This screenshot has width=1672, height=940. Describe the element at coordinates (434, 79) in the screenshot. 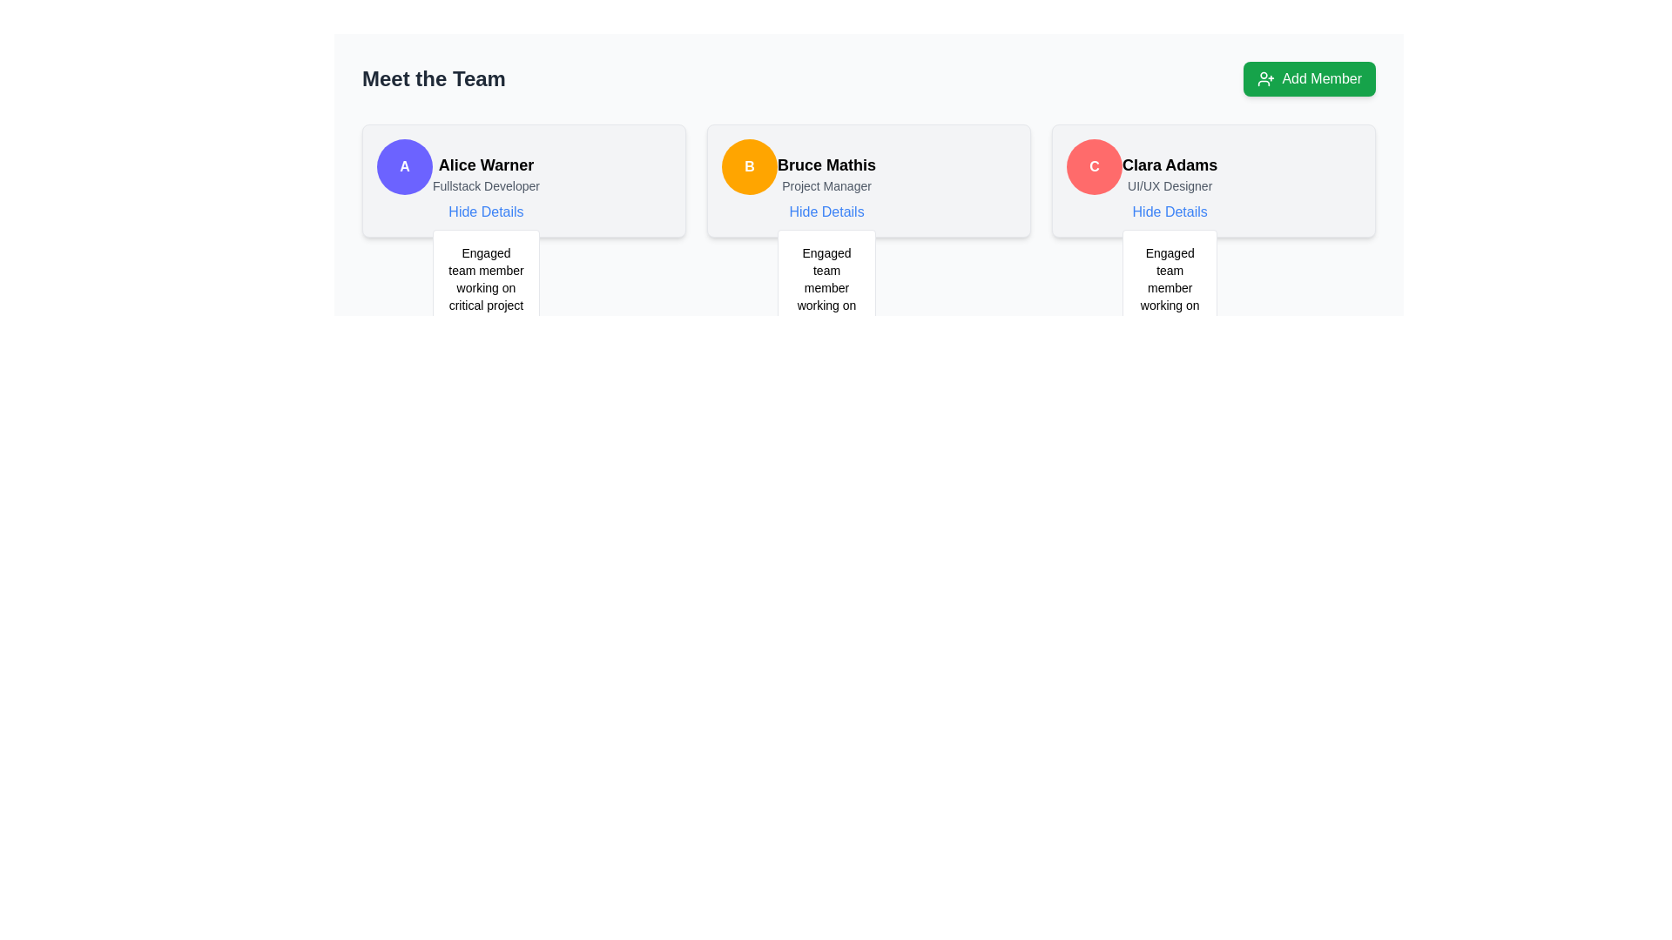

I see `text from the header Text Label that indicates the section's purpose for managing team members, located at the top left of the interface, next to the 'Add Member' button` at that location.